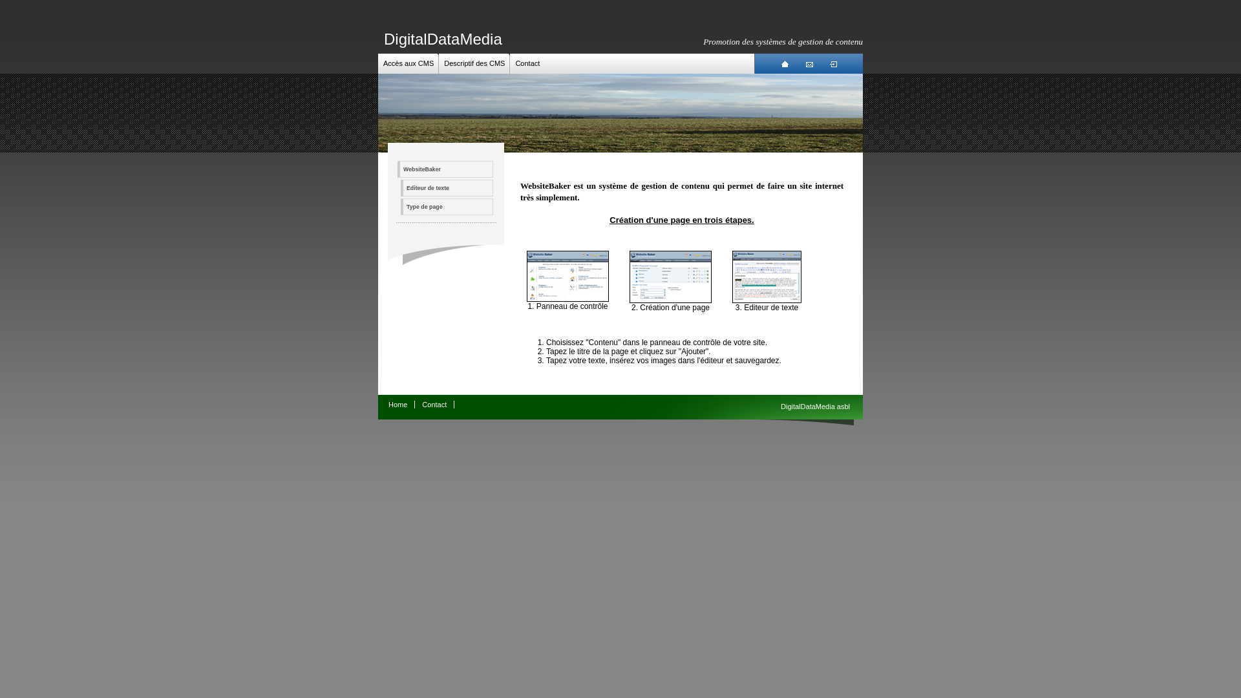  What do you see at coordinates (397, 403) in the screenshot?
I see `'Home'` at bounding box center [397, 403].